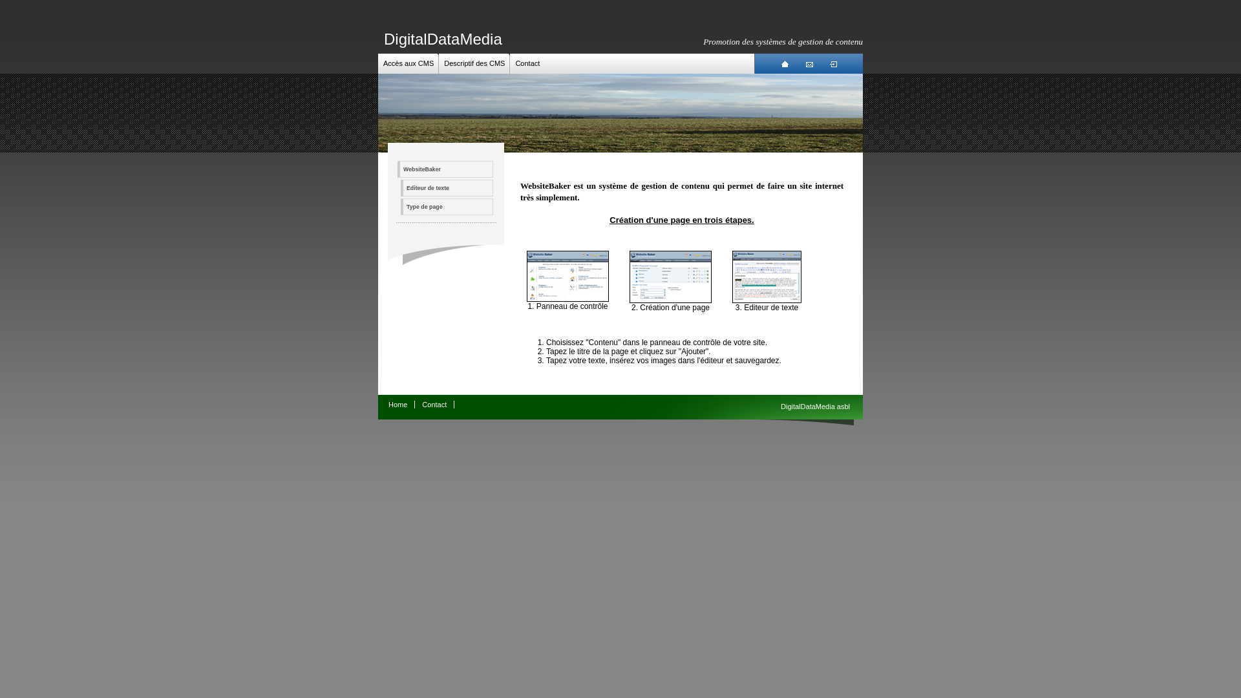  What do you see at coordinates (397, 403) in the screenshot?
I see `'Home'` at bounding box center [397, 403].